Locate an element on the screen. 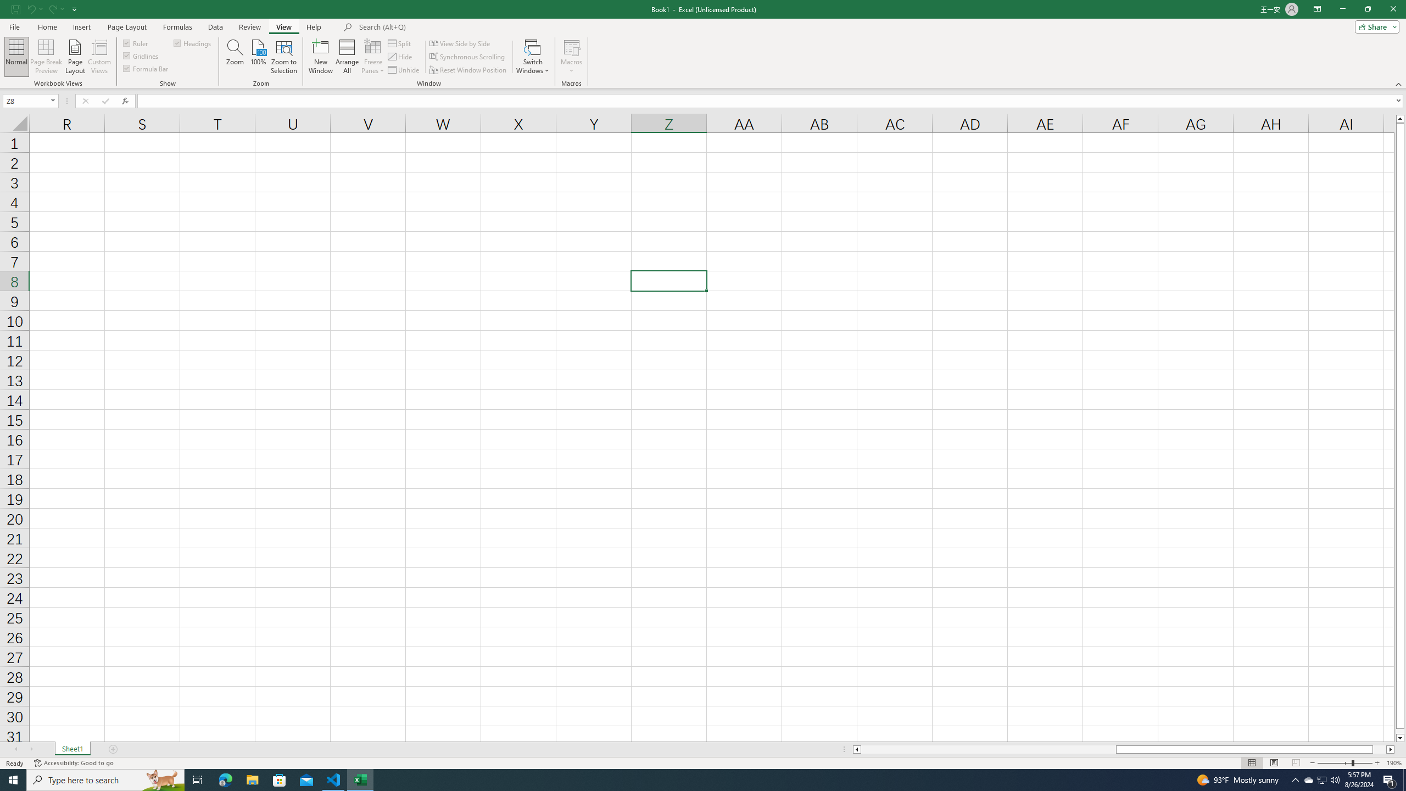 The width and height of the screenshot is (1406, 791). 'Unhide...' is located at coordinates (405, 70).